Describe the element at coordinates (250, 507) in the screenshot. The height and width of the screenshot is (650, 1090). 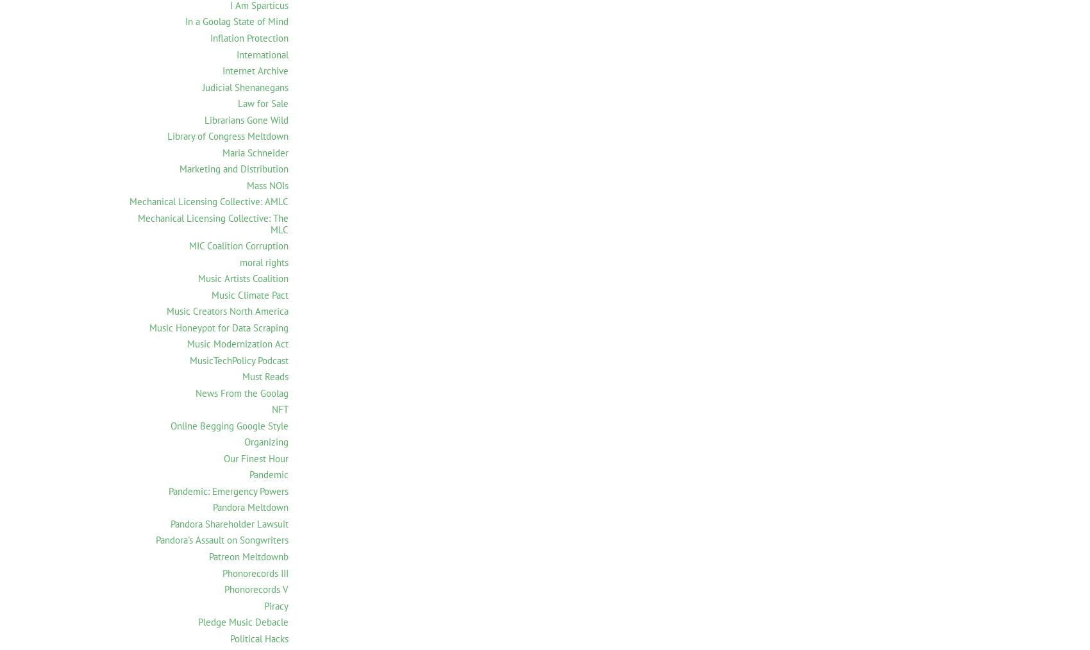
I see `'Pandora Meltdown'` at that location.